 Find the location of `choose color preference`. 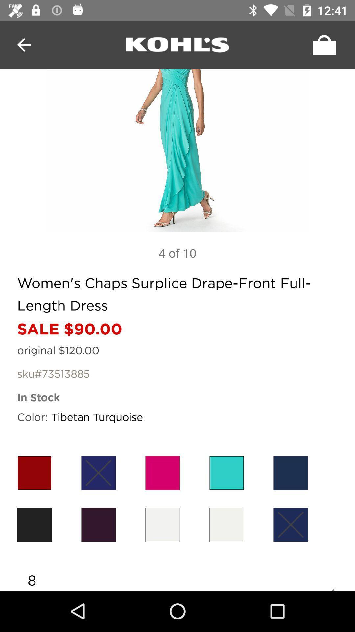

choose color preference is located at coordinates (34, 524).